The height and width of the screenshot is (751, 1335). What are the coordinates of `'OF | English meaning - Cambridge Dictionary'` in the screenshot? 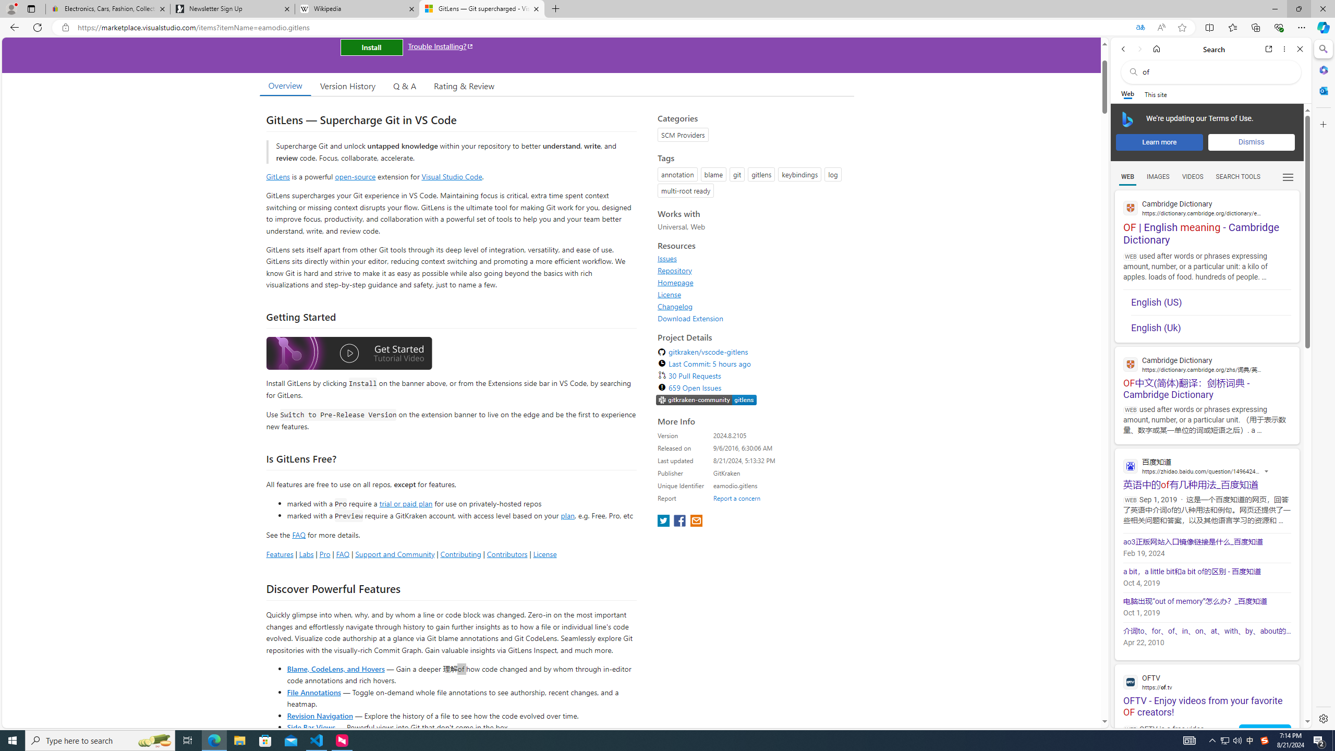 It's located at (1207, 218).